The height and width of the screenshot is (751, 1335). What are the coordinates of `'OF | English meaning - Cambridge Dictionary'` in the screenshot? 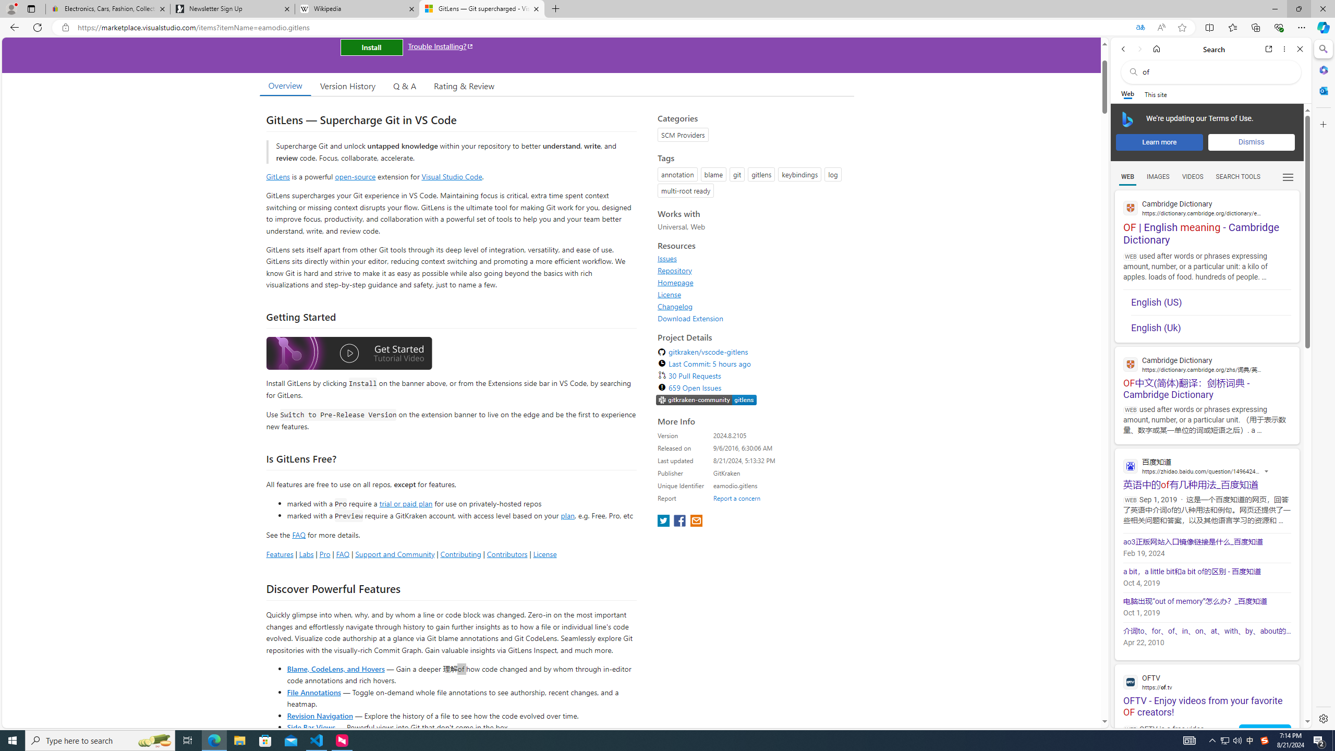 It's located at (1207, 218).